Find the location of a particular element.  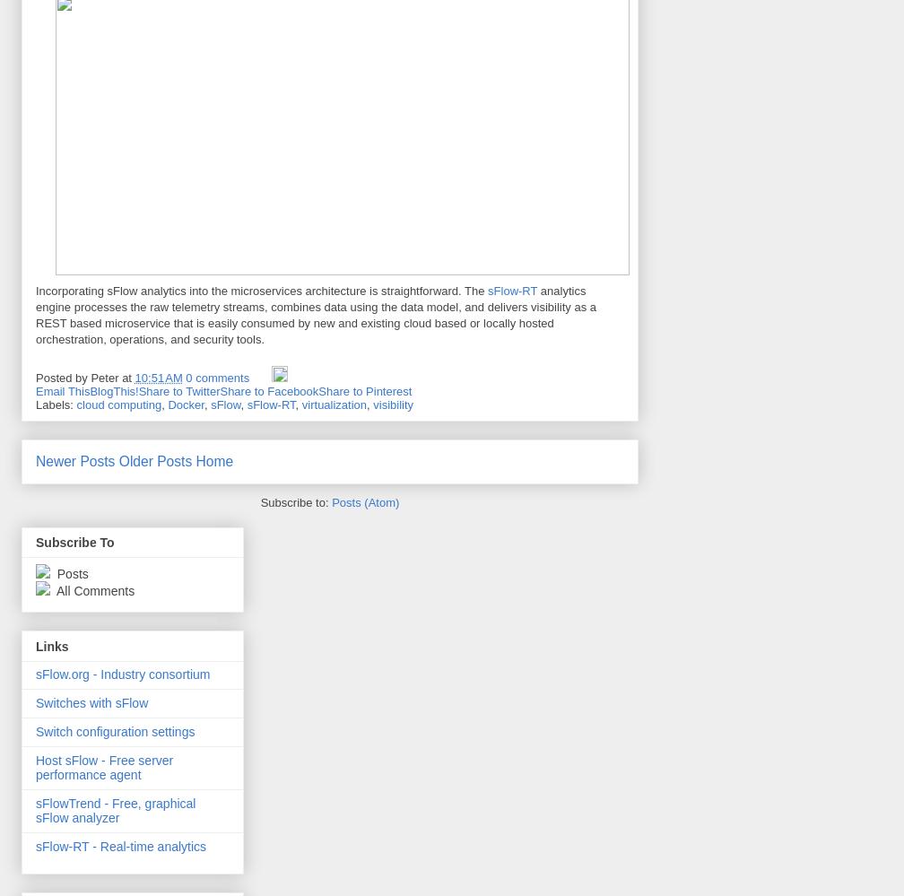

'Docker' is located at coordinates (167, 405).